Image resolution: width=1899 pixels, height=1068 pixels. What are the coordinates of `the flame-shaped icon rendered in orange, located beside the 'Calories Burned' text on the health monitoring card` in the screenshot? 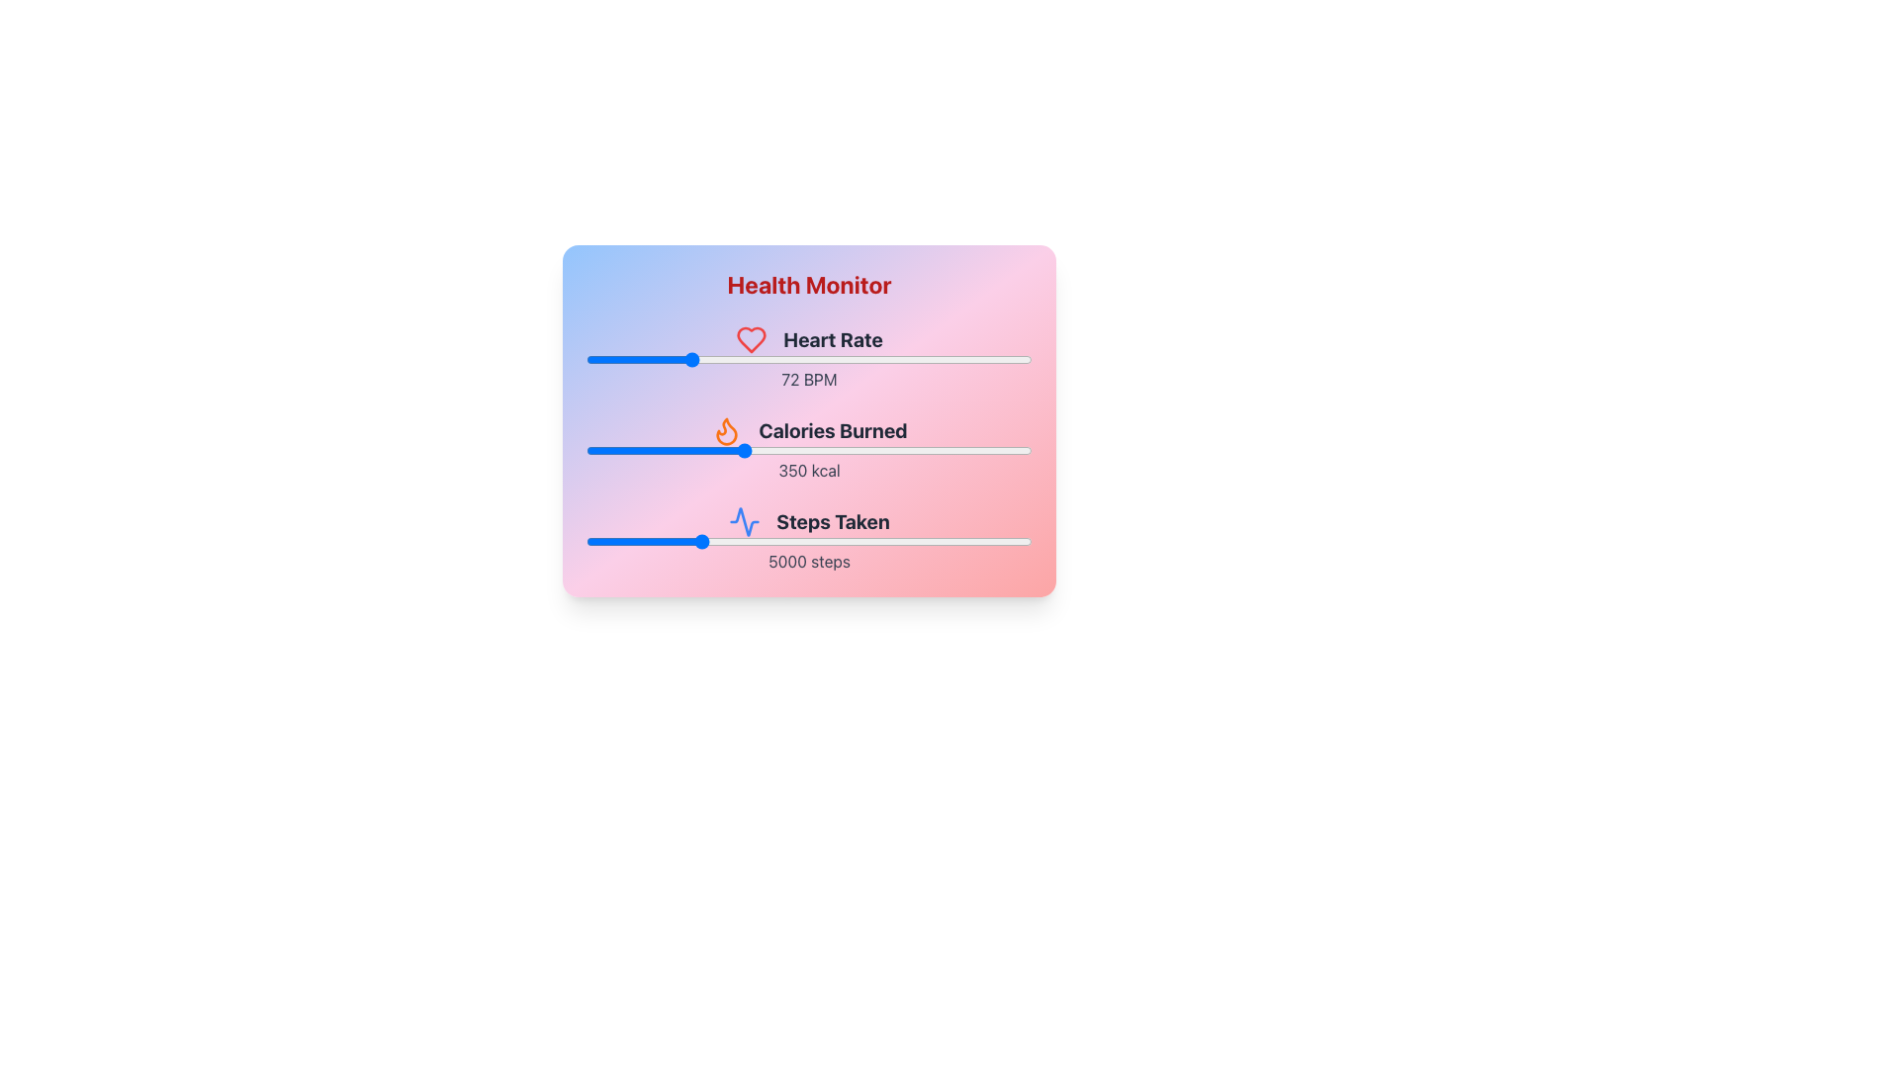 It's located at (726, 430).